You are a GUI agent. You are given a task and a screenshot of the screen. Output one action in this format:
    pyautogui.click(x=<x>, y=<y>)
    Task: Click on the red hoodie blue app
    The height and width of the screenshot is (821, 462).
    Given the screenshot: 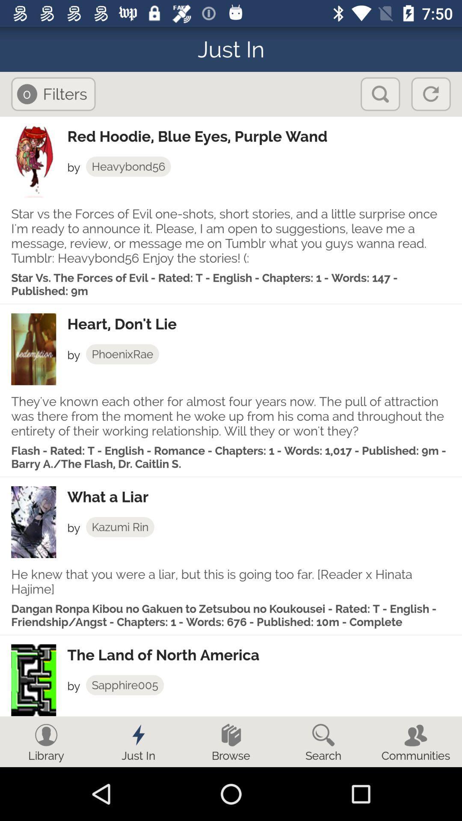 What is the action you would take?
    pyautogui.click(x=264, y=136)
    